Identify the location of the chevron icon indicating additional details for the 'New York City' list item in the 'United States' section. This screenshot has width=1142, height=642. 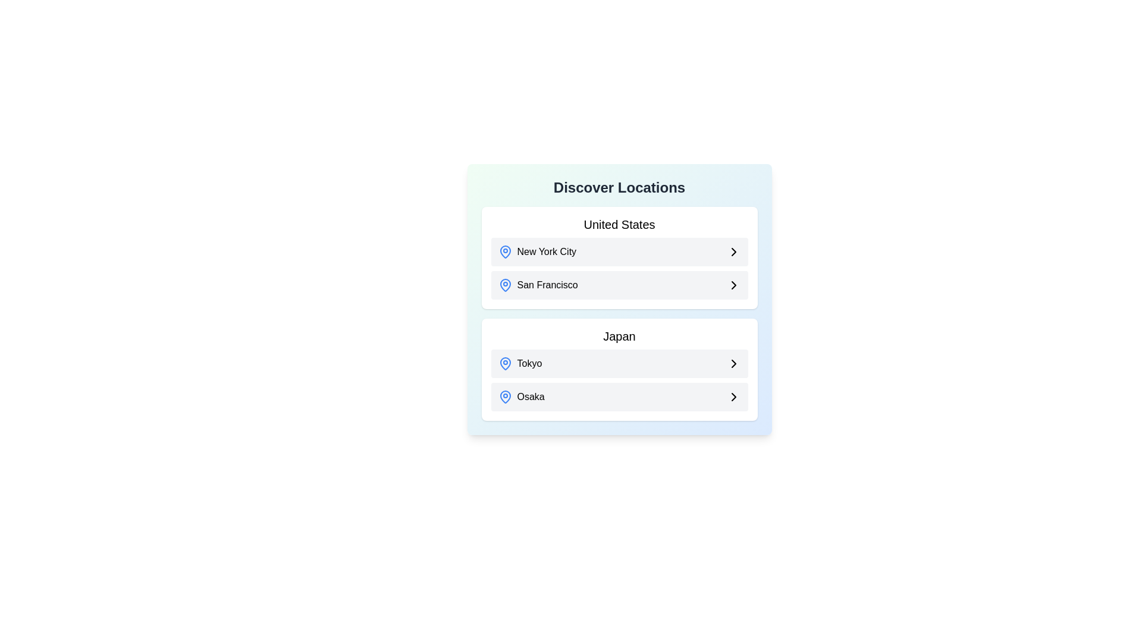
(733, 251).